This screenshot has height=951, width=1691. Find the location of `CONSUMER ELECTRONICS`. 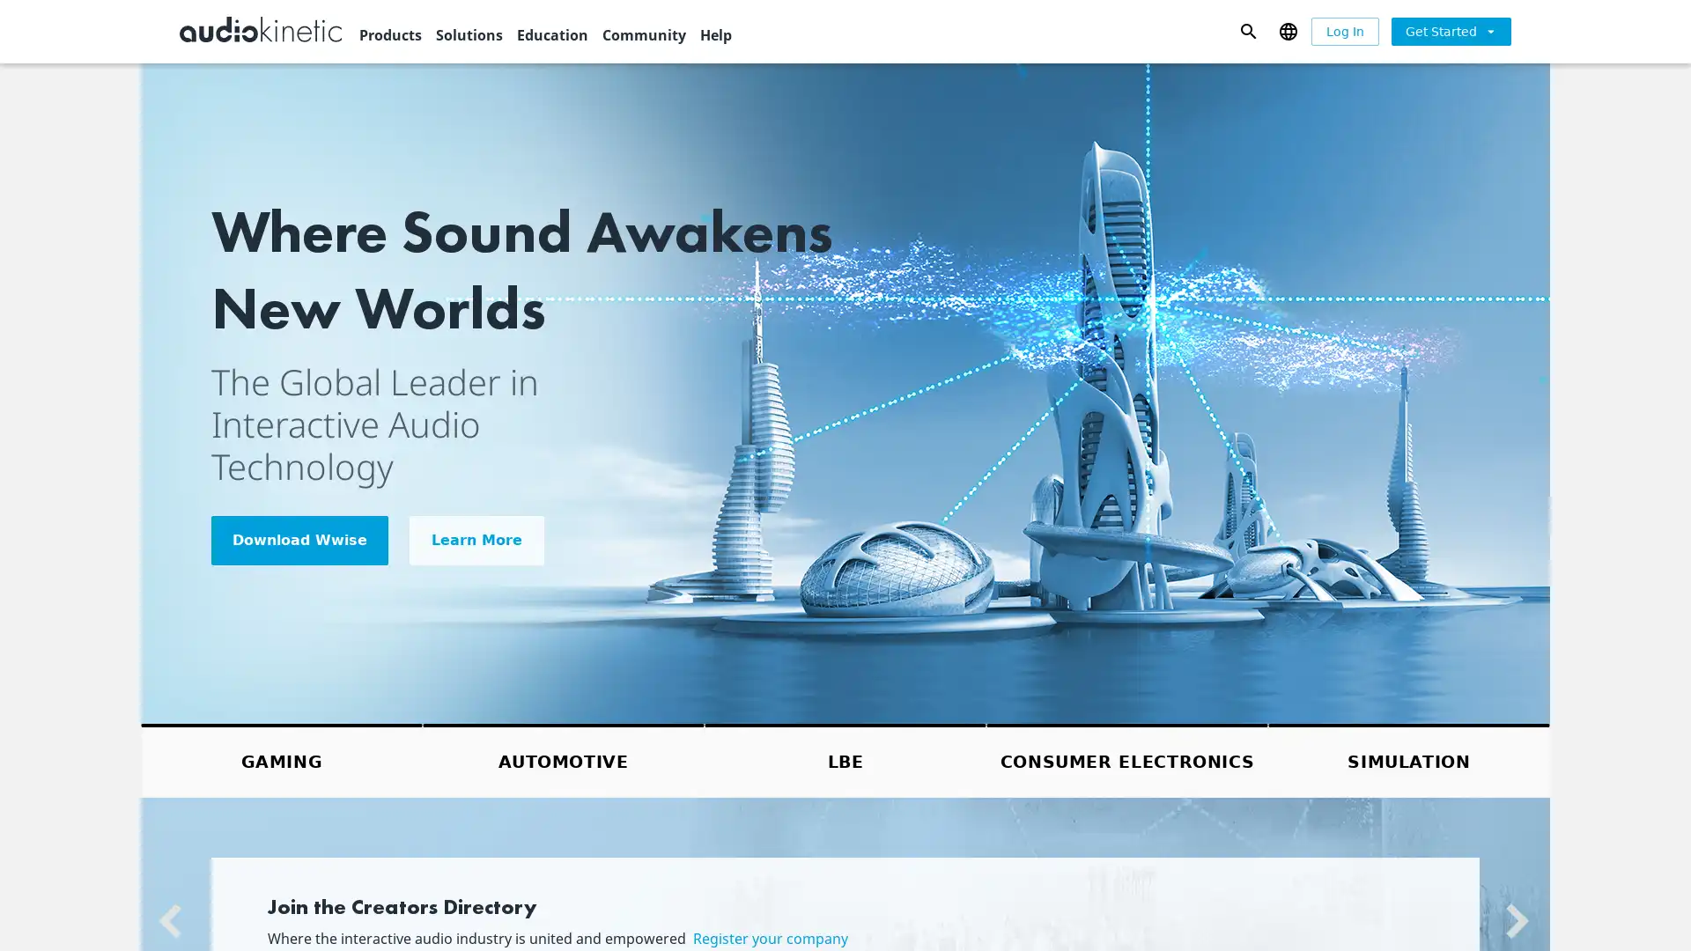

CONSUMER ELECTRONICS is located at coordinates (1127, 759).